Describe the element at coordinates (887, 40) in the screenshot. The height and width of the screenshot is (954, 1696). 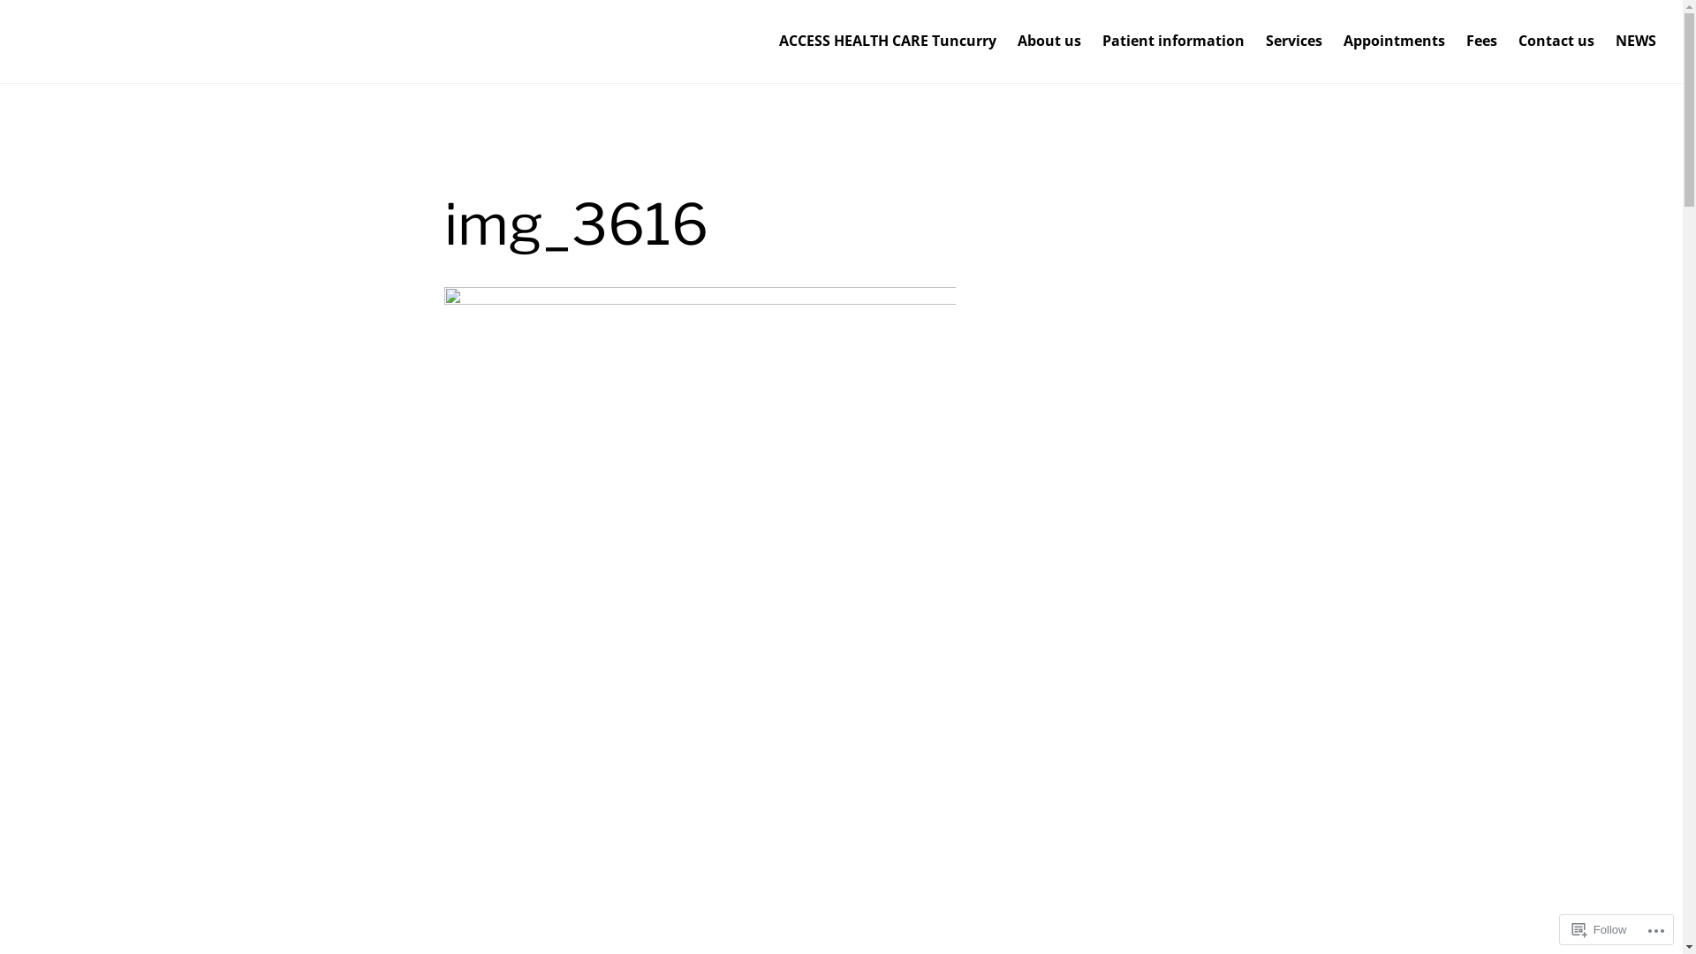
I see `'ACCESS HEALTH CARE Tuncurry'` at that location.